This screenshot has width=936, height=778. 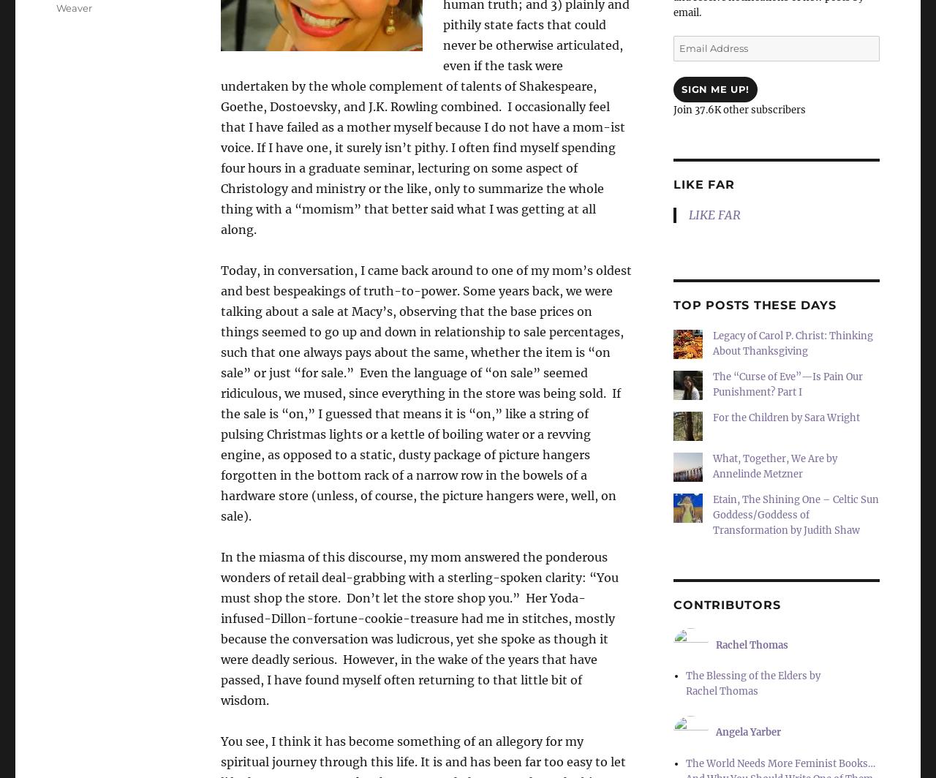 I want to click on 'Legacy of Carol P. Christ: Thinking About Thanksgiving', so click(x=792, y=343).